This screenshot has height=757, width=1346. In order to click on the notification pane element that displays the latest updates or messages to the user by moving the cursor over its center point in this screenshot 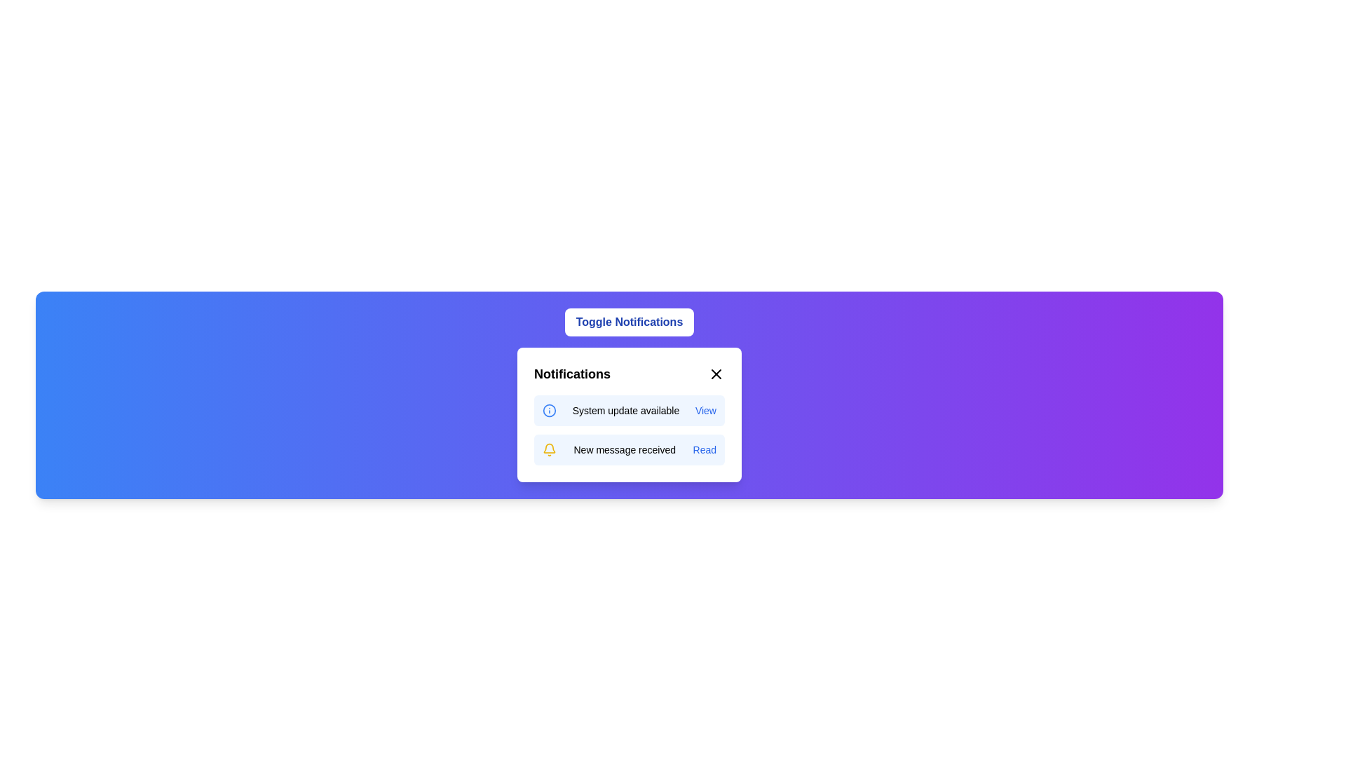, I will do `click(628, 414)`.